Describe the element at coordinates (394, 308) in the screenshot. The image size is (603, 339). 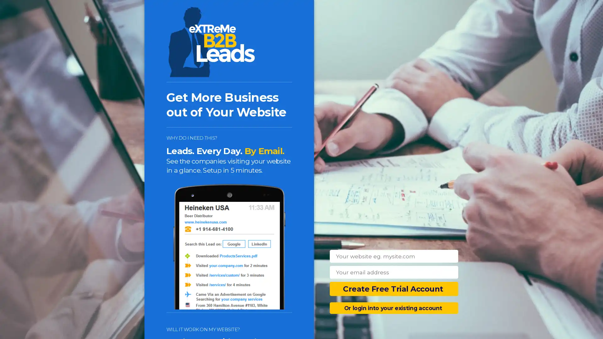
I see `Or login into your existing account` at that location.